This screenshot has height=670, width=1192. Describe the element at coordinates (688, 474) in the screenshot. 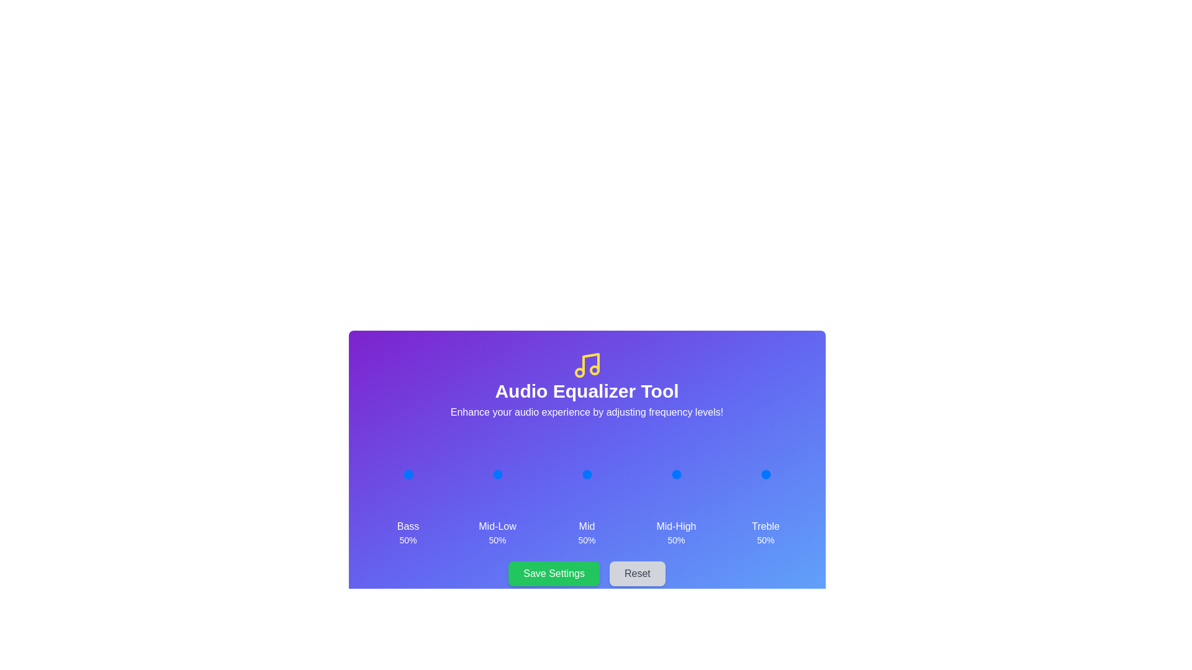

I see `the 3 slider to 82%` at that location.